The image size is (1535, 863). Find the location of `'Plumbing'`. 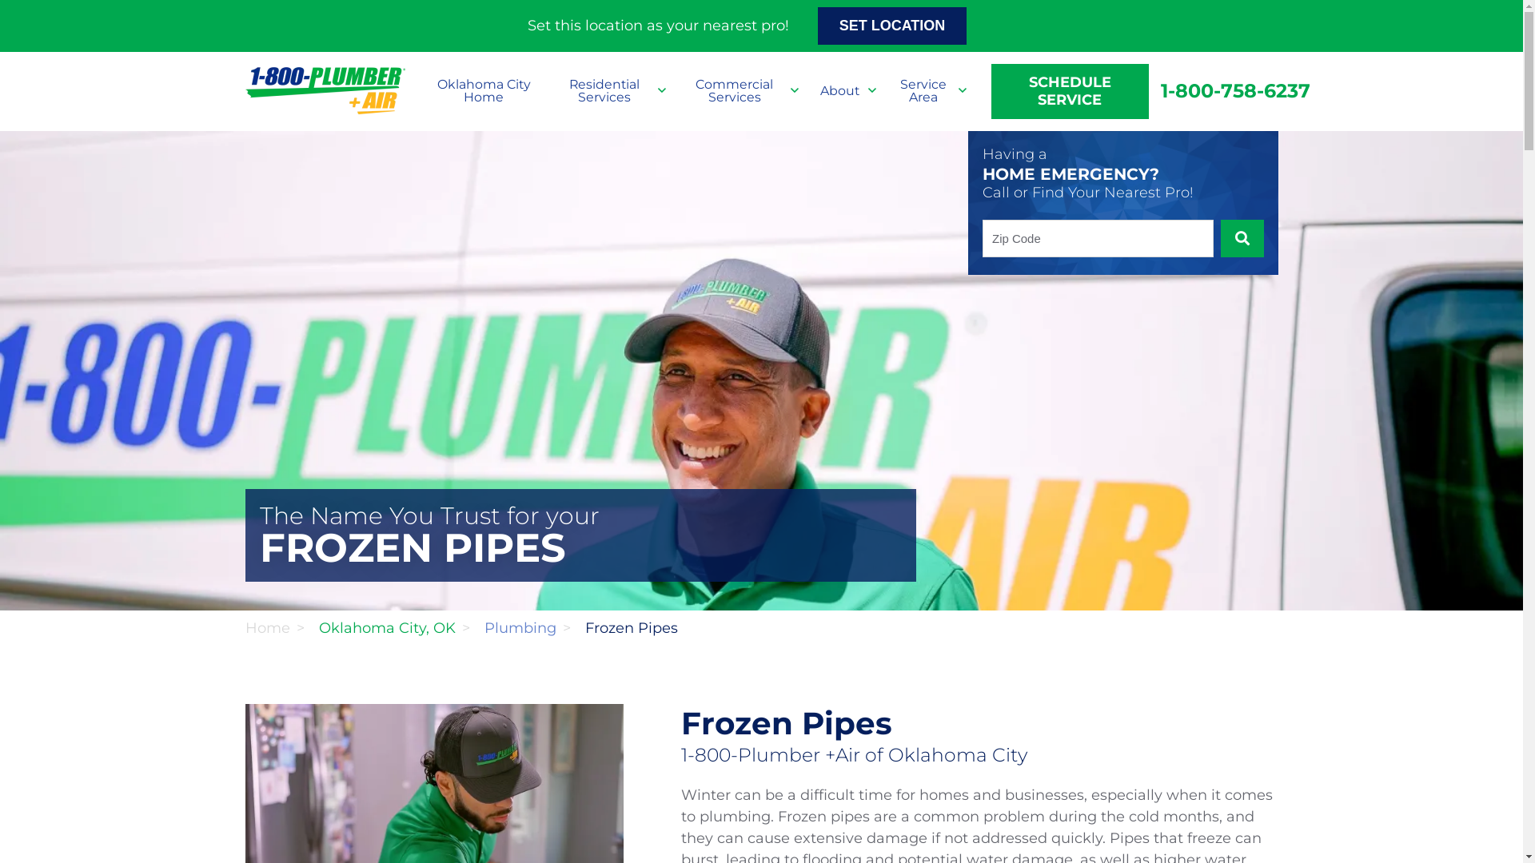

'Plumbing' is located at coordinates (483, 627).